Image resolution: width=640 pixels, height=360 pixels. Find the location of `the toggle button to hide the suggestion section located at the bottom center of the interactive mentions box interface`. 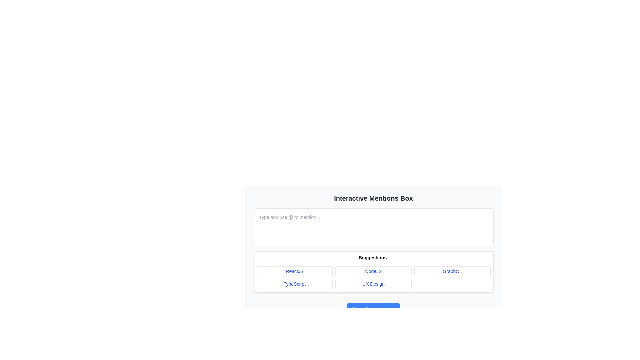

the toggle button to hide the suggestion section located at the bottom center of the interactive mentions box interface is located at coordinates (373, 309).